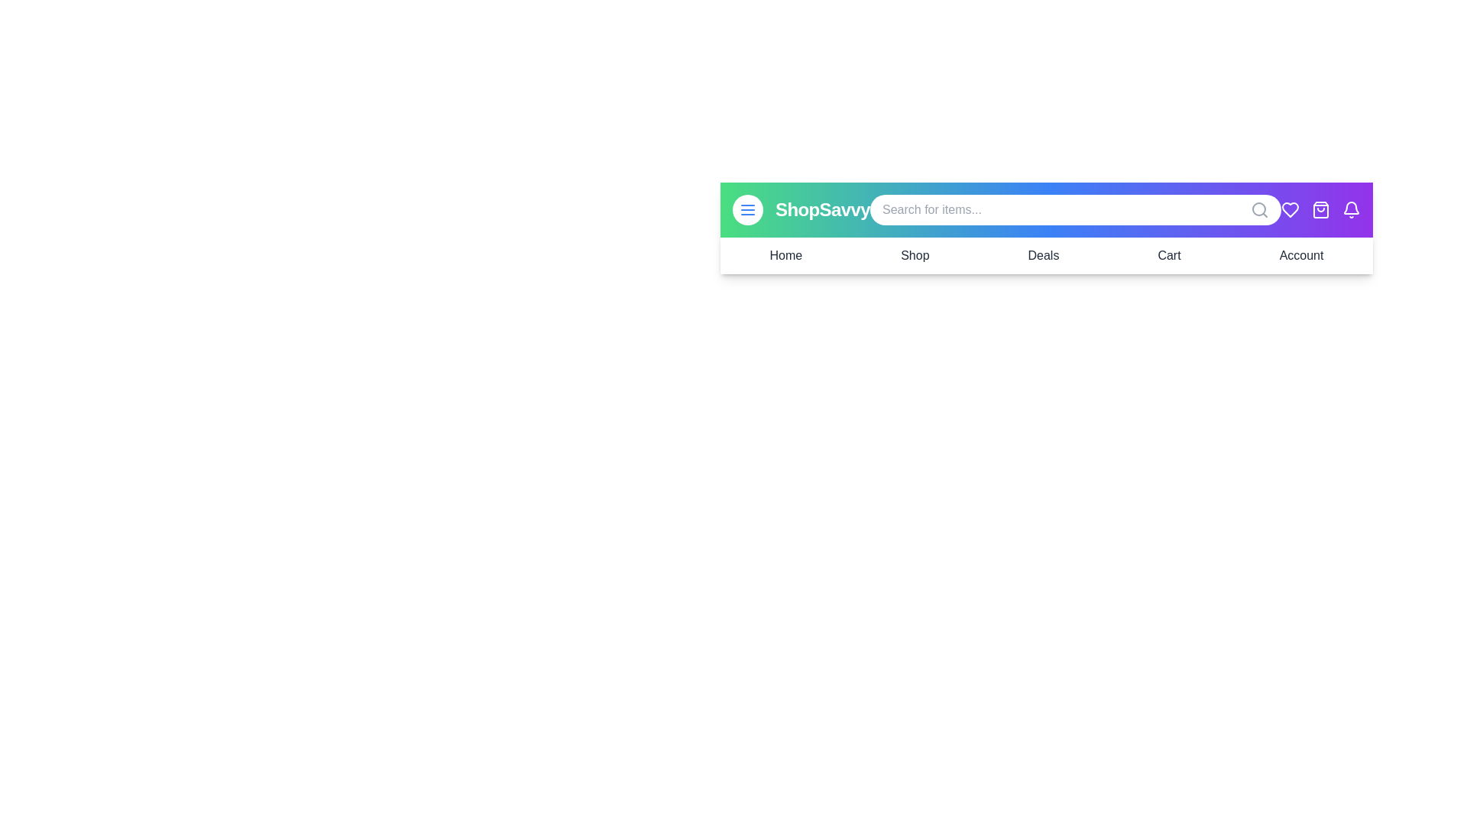 This screenshot has height=825, width=1467. I want to click on the shopping bag icon, so click(1320, 209).